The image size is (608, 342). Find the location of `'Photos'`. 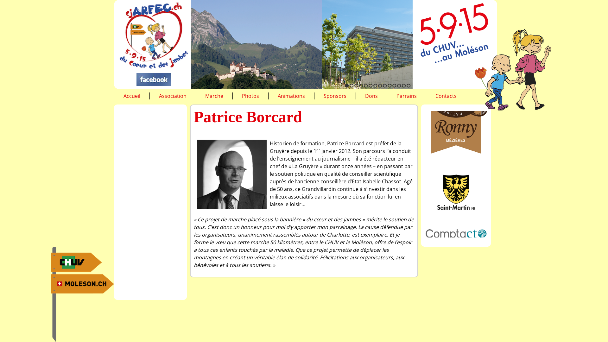

'Photos' is located at coordinates (250, 96).